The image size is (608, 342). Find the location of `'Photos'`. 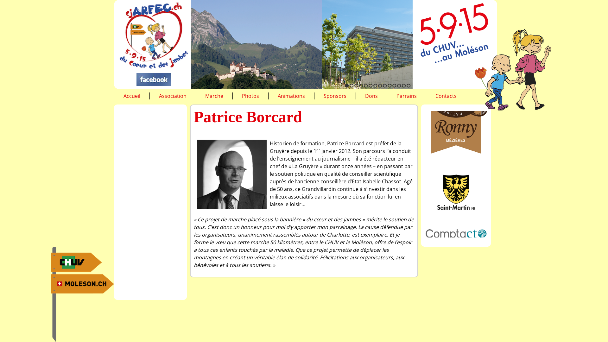

'Photos' is located at coordinates (250, 96).